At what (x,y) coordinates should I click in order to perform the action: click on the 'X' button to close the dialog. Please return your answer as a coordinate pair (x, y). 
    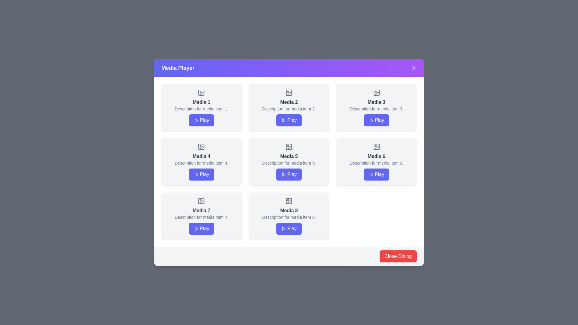
    Looking at the image, I should click on (413, 68).